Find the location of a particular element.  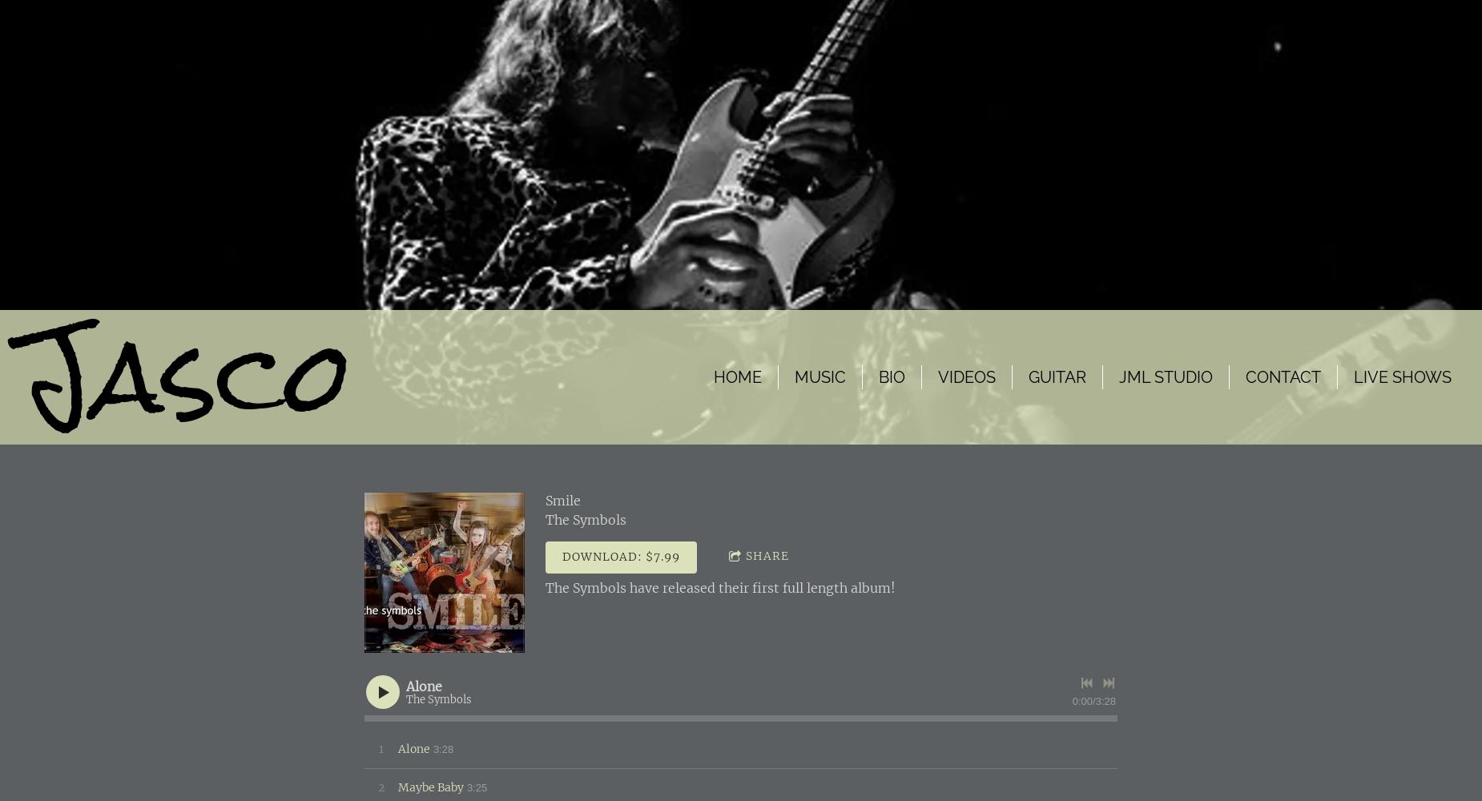

'Videos' is located at coordinates (965, 376).